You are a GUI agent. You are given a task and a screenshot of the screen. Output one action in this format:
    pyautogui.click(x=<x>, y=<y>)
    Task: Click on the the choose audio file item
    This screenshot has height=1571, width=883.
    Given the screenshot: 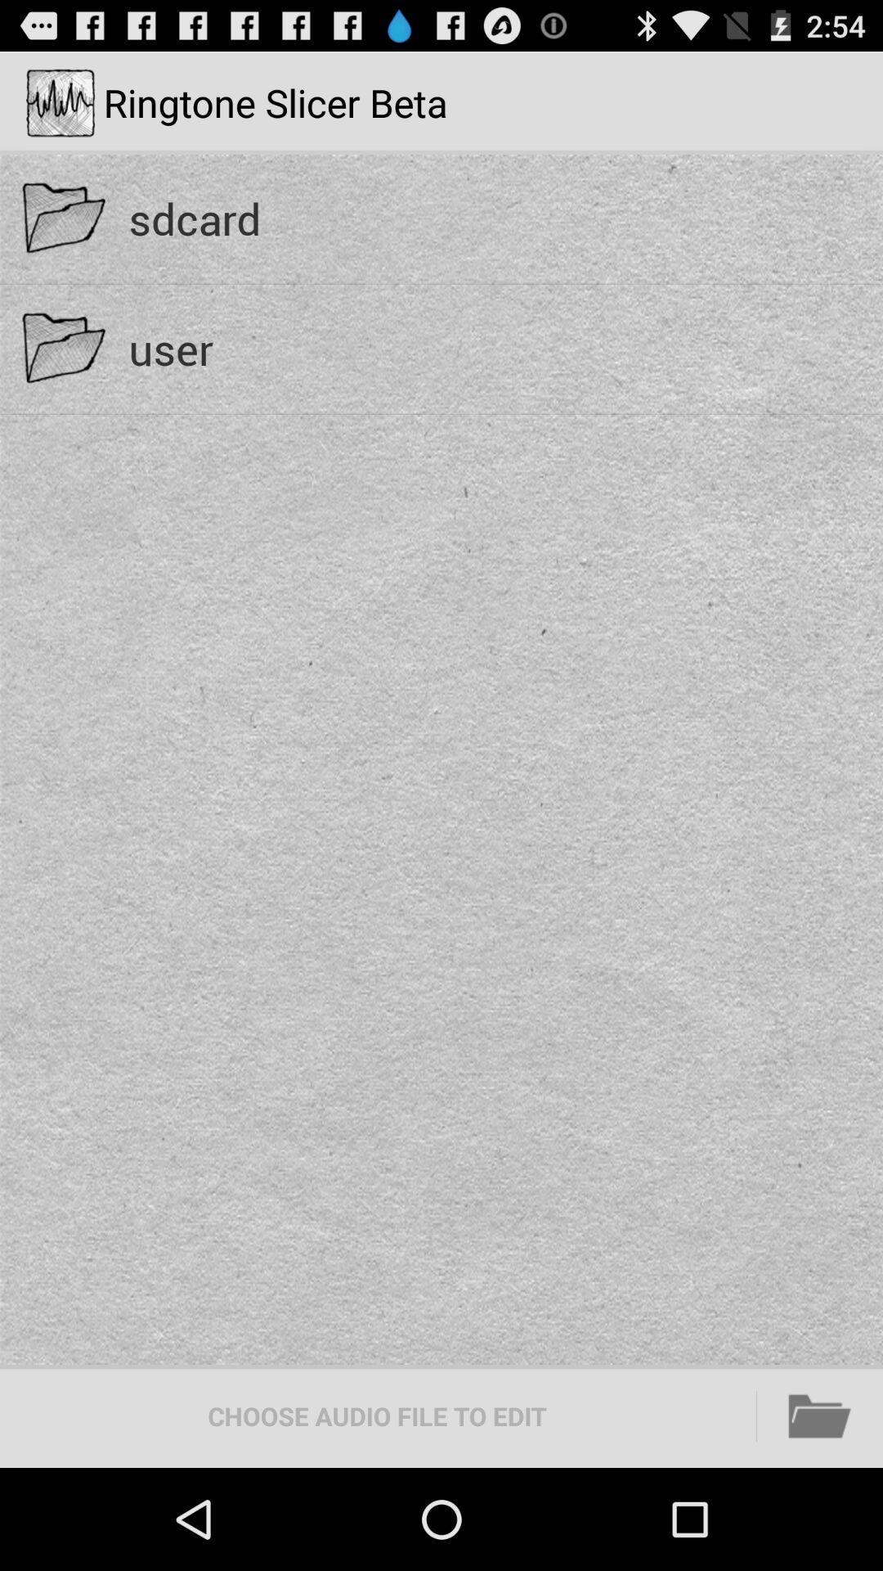 What is the action you would take?
    pyautogui.click(x=377, y=1416)
    